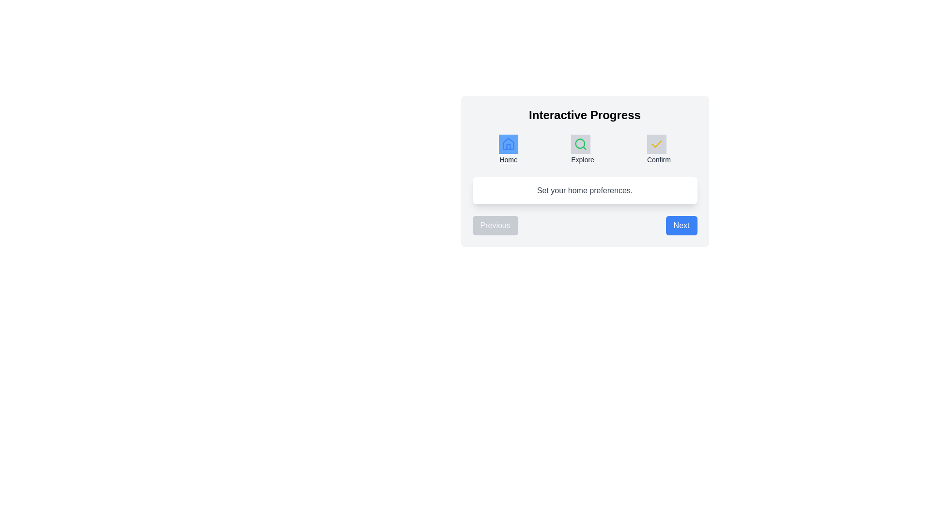 Image resolution: width=930 pixels, height=523 pixels. What do you see at coordinates (582, 150) in the screenshot?
I see `the step Explore to view its description` at bounding box center [582, 150].